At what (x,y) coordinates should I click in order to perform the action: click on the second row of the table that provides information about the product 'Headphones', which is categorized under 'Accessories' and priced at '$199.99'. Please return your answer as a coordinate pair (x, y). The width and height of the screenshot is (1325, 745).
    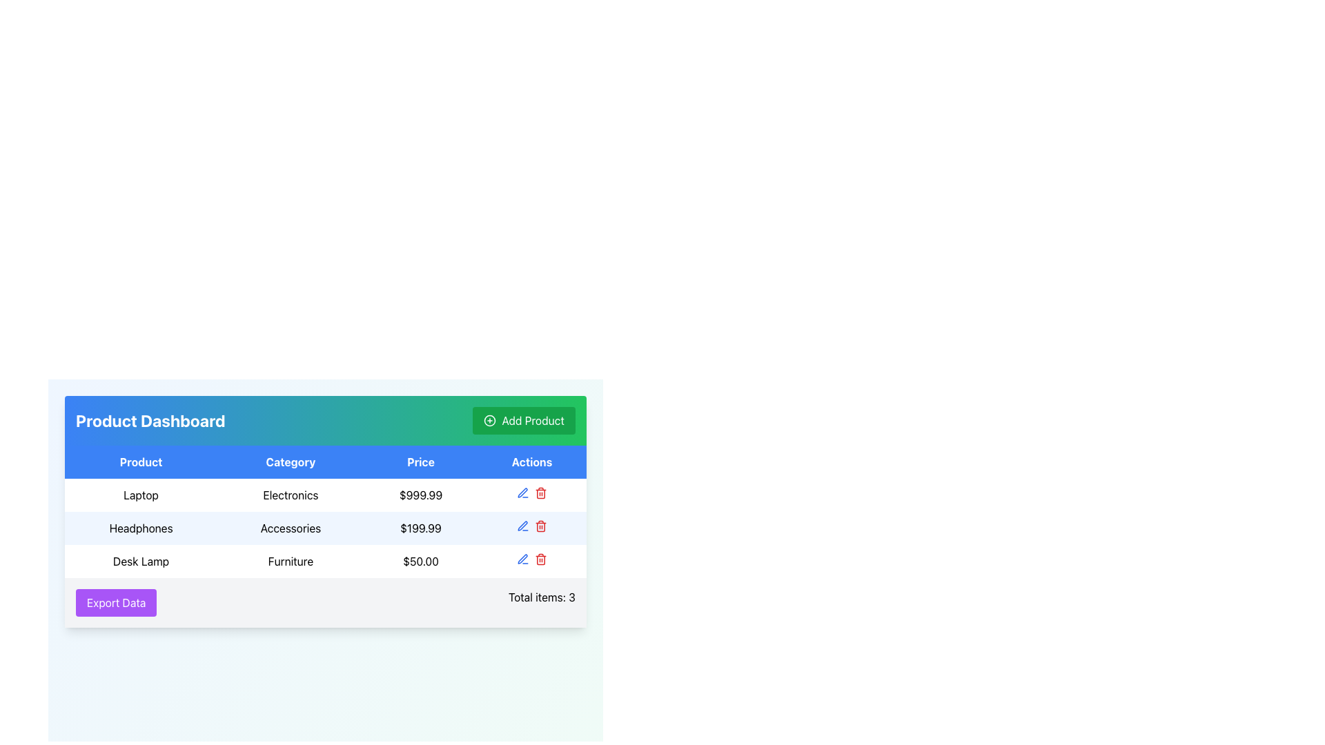
    Looking at the image, I should click on (324, 528).